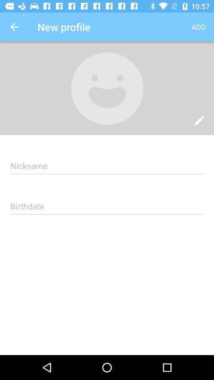 The image size is (214, 380). What do you see at coordinates (198, 27) in the screenshot?
I see `the app to the right of new profile` at bounding box center [198, 27].